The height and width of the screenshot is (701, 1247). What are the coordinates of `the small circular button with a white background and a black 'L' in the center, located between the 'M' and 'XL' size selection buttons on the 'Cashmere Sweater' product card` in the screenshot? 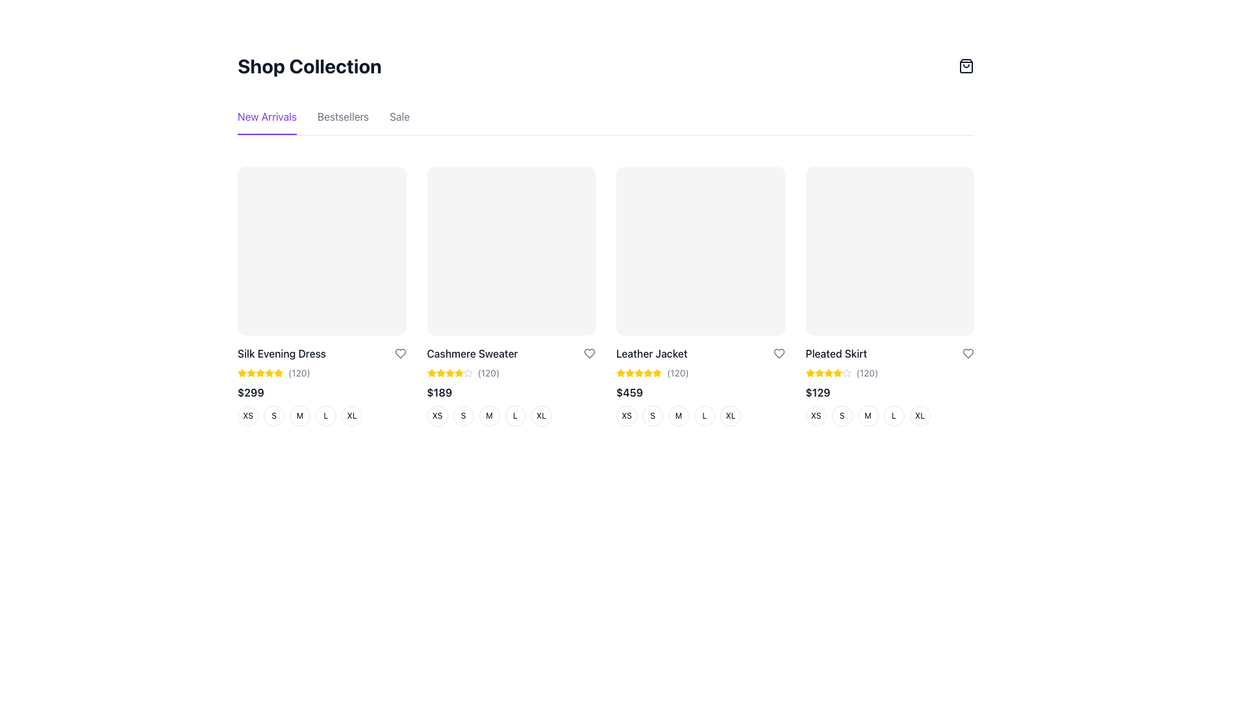 It's located at (514, 415).